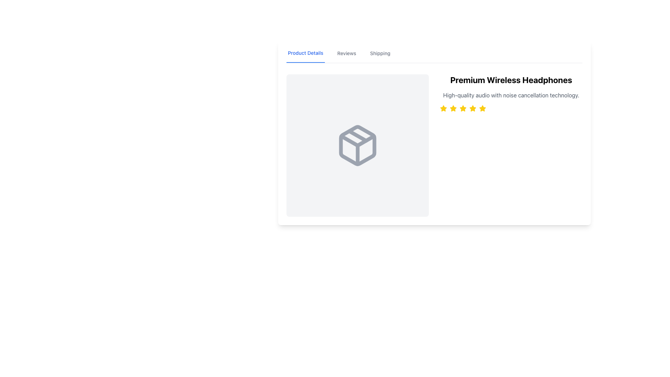 The height and width of the screenshot is (377, 670). What do you see at coordinates (443, 109) in the screenshot?
I see `the first yellow star icon in the rating indicator located below the title 'Premium Wireless Headphones'` at bounding box center [443, 109].